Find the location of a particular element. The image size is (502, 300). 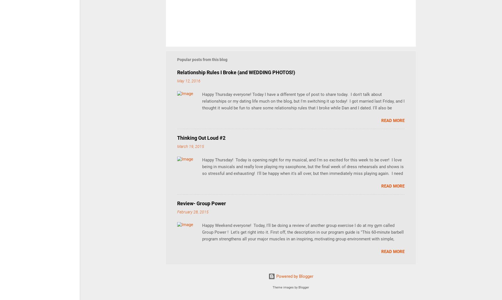

'Thinking Out Loud #2' is located at coordinates (201, 137).